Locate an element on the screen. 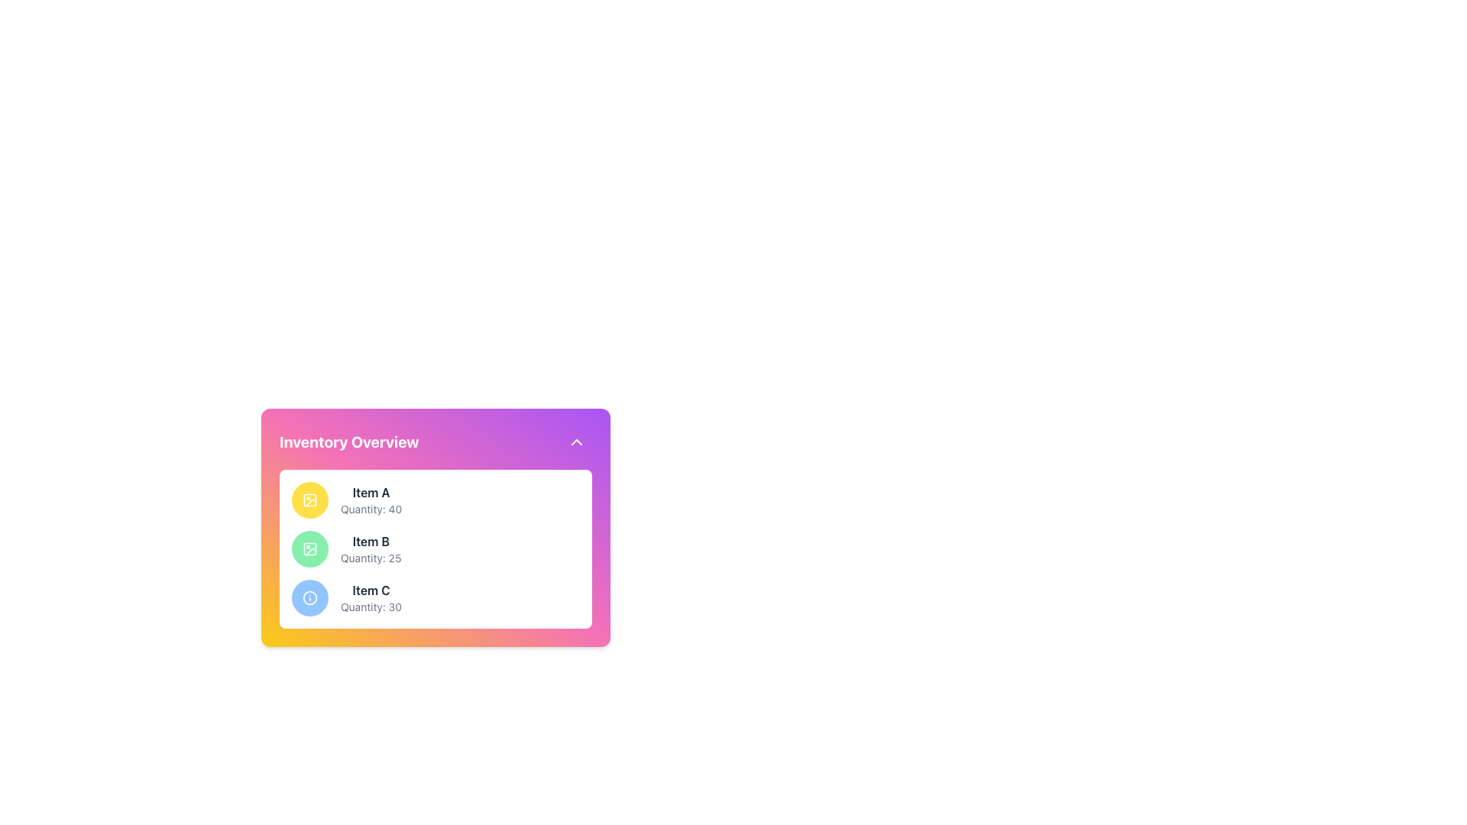 This screenshot has width=1467, height=825. the interactive button located at the top-right corner of the 'Inventory Overview' section is located at coordinates (575, 442).